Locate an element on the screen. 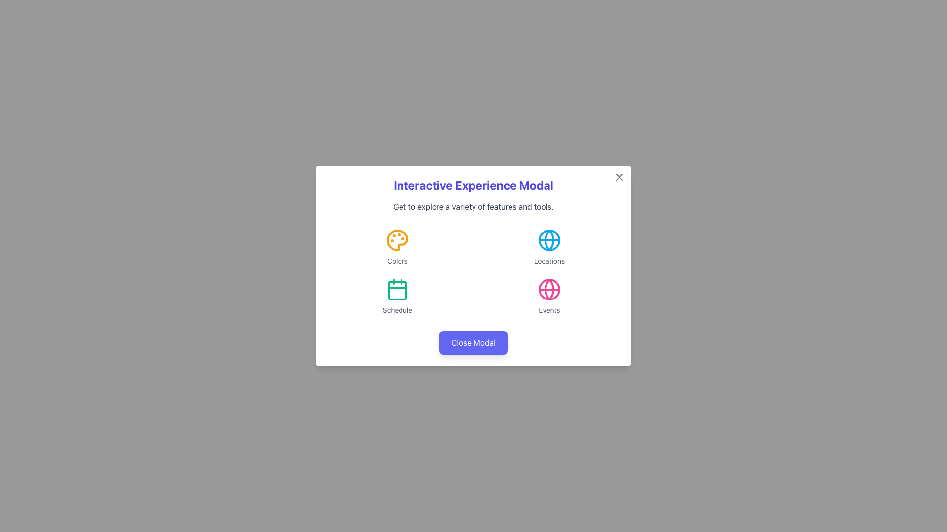 The image size is (947, 532). the green calendar icon with rounded corners located inside a modal interface, which is the leftmost icon in the second row of icons is located at coordinates (398, 289).